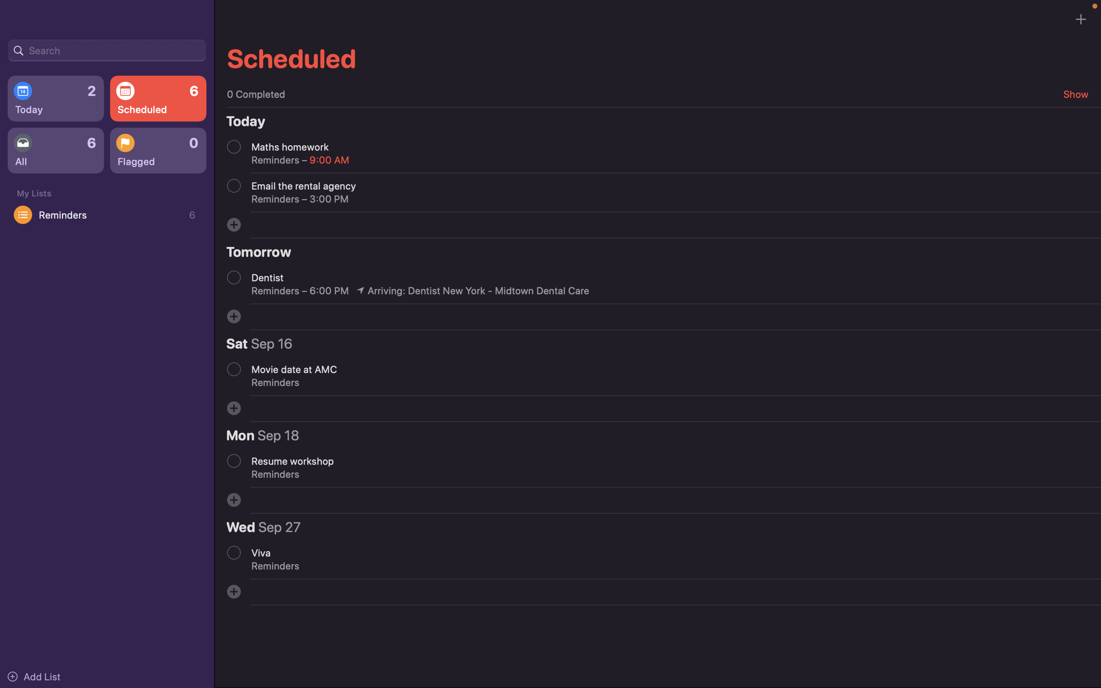 This screenshot has height=688, width=1101. I want to click on Add a new event "Project deadline", so click(233, 224).